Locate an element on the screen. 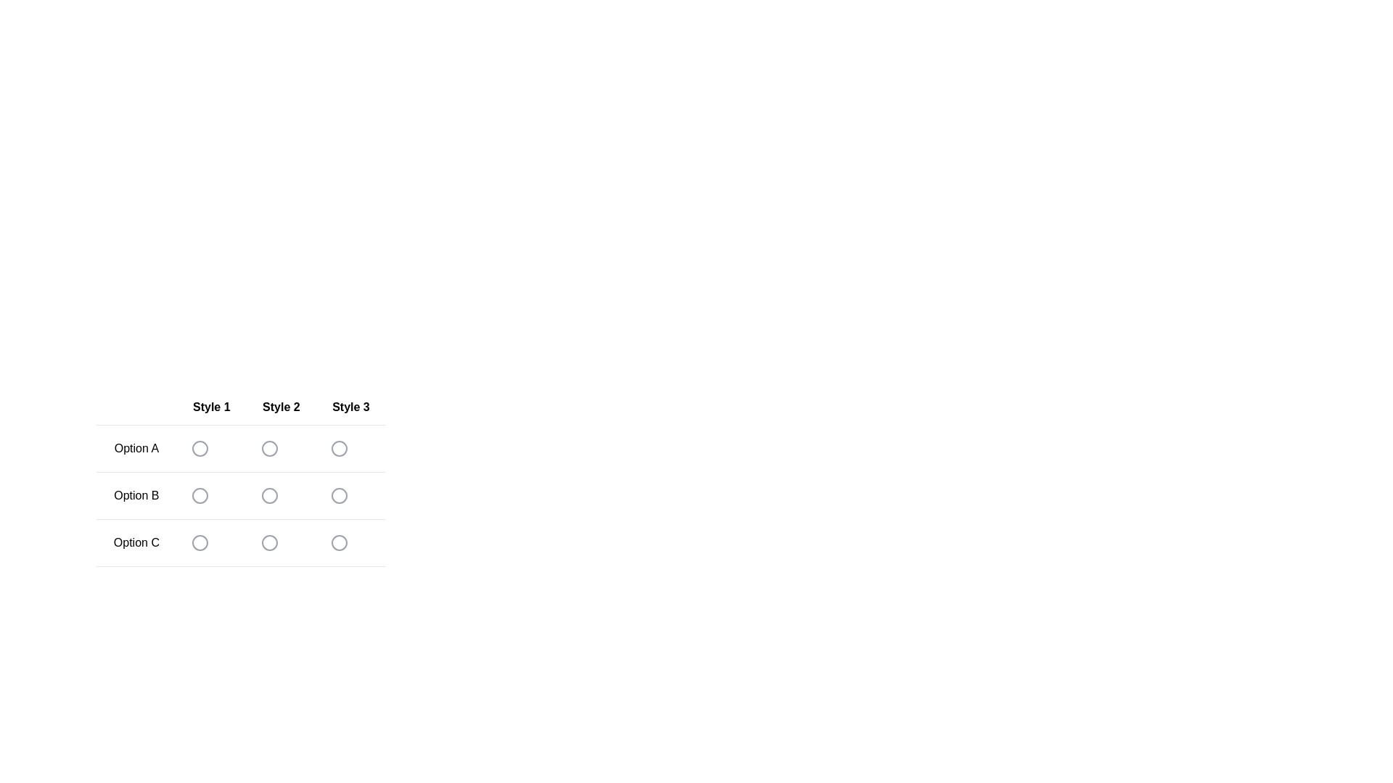 This screenshot has width=1393, height=783. the 'Option C' radio button in the 'Style 2' column is located at coordinates (269, 542).